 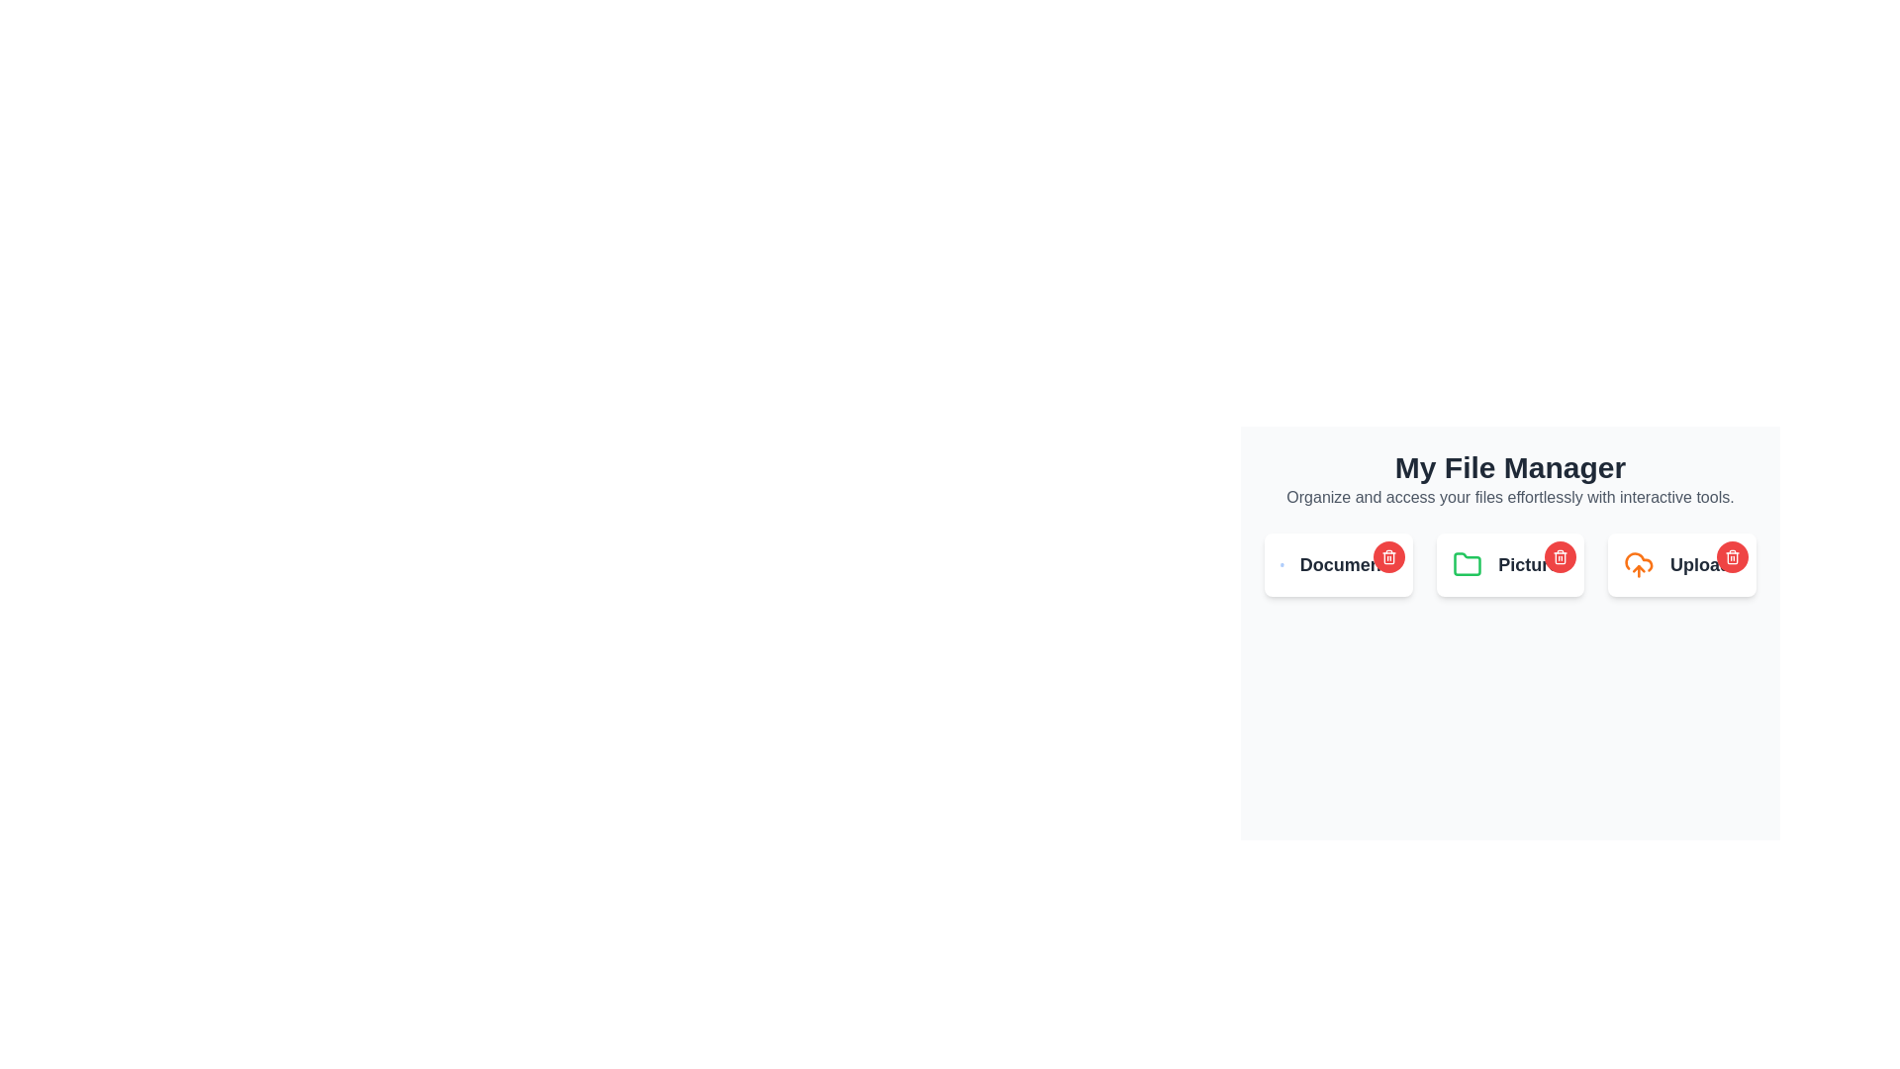 What do you see at coordinates (1387, 557) in the screenshot?
I see `the delete button located in the top-right corner of the 'Documents' card in the 'My File Manager' section` at bounding box center [1387, 557].